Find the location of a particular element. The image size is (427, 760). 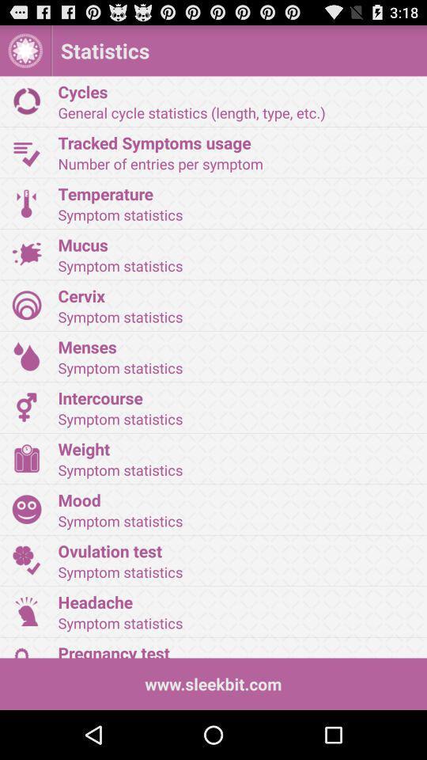

the icon of cervix is located at coordinates (26, 304).